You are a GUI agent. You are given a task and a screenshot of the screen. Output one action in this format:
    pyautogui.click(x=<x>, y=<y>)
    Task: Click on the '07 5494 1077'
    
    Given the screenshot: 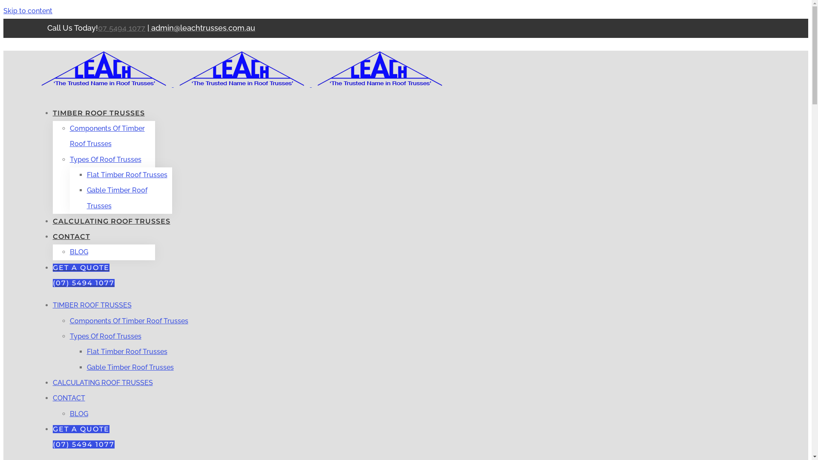 What is the action you would take?
    pyautogui.click(x=121, y=27)
    